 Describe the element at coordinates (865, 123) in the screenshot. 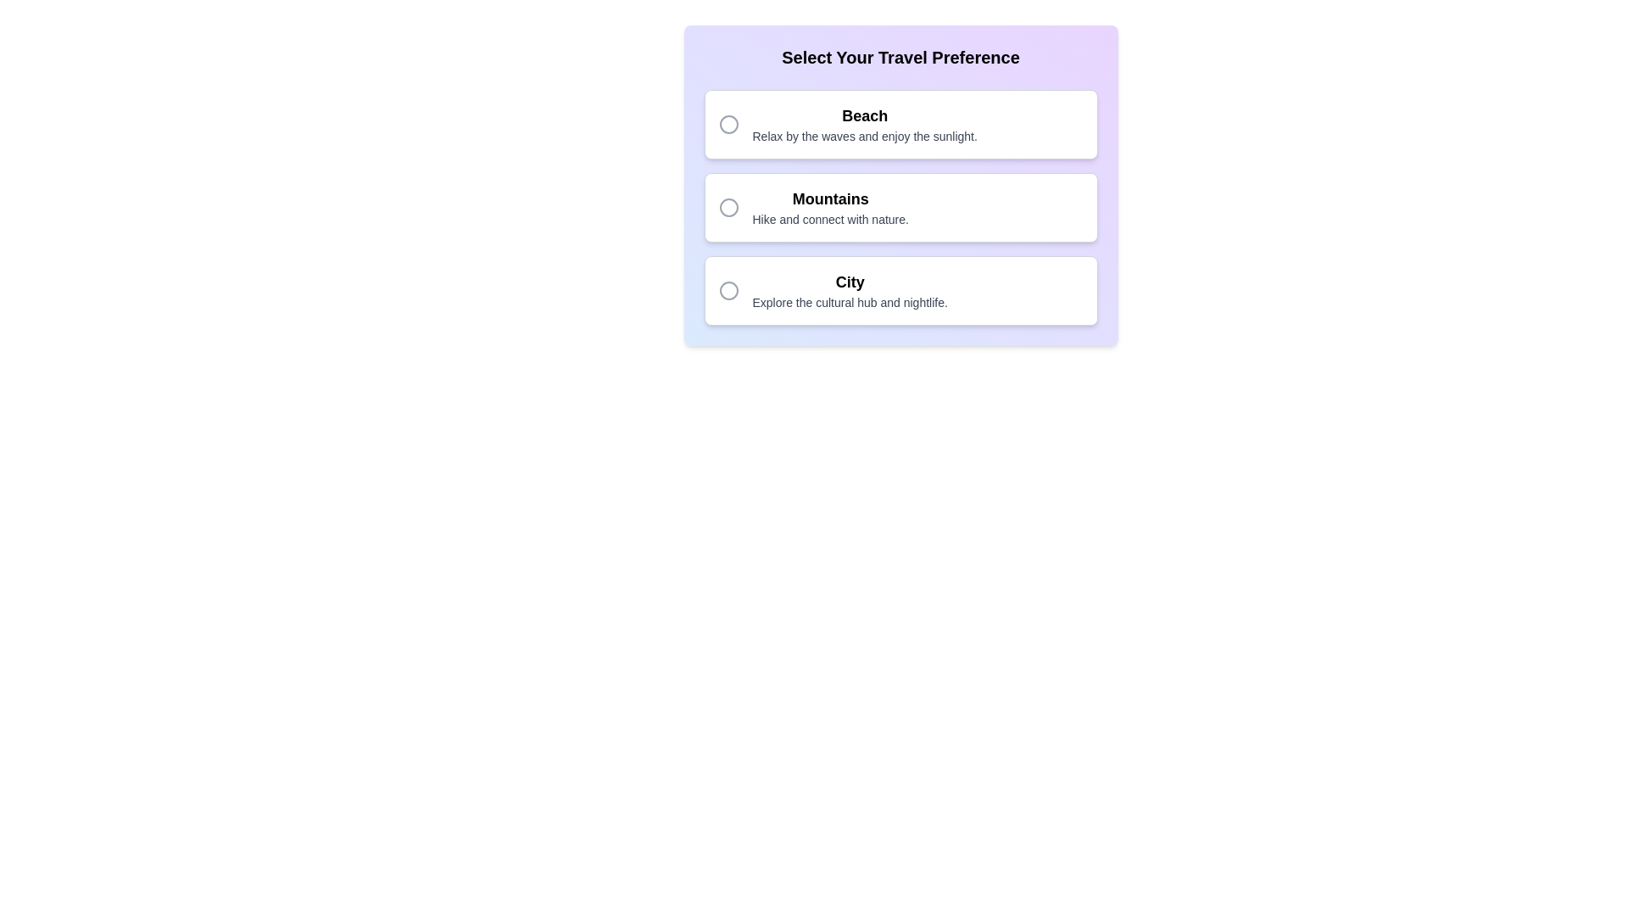

I see `the 'Beach' travel preference option in the selectable card, which is the uppermost option in the list below the heading 'Select Your Travel Preference'` at that location.